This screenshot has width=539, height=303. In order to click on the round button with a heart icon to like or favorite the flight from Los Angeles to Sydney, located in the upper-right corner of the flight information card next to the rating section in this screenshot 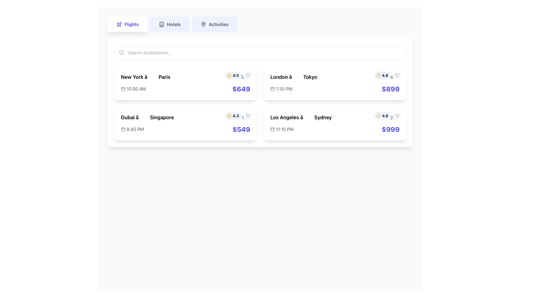, I will do `click(397, 115)`.